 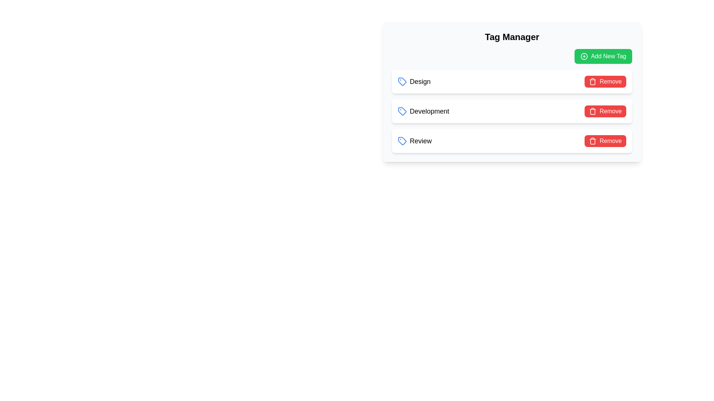 I want to click on the blue tag-shaped icon with white accents, so click(x=402, y=141).